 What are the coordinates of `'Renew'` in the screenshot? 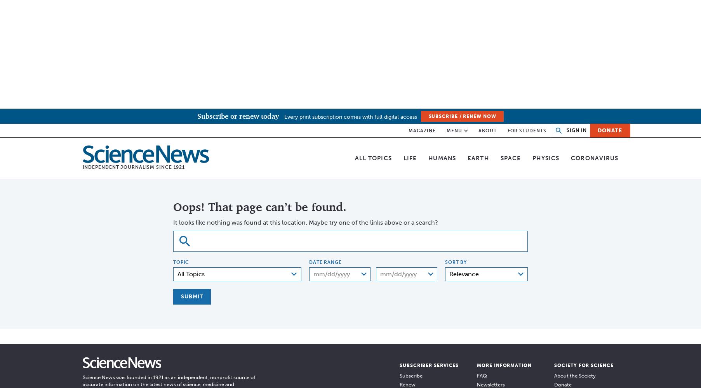 It's located at (407, 384).